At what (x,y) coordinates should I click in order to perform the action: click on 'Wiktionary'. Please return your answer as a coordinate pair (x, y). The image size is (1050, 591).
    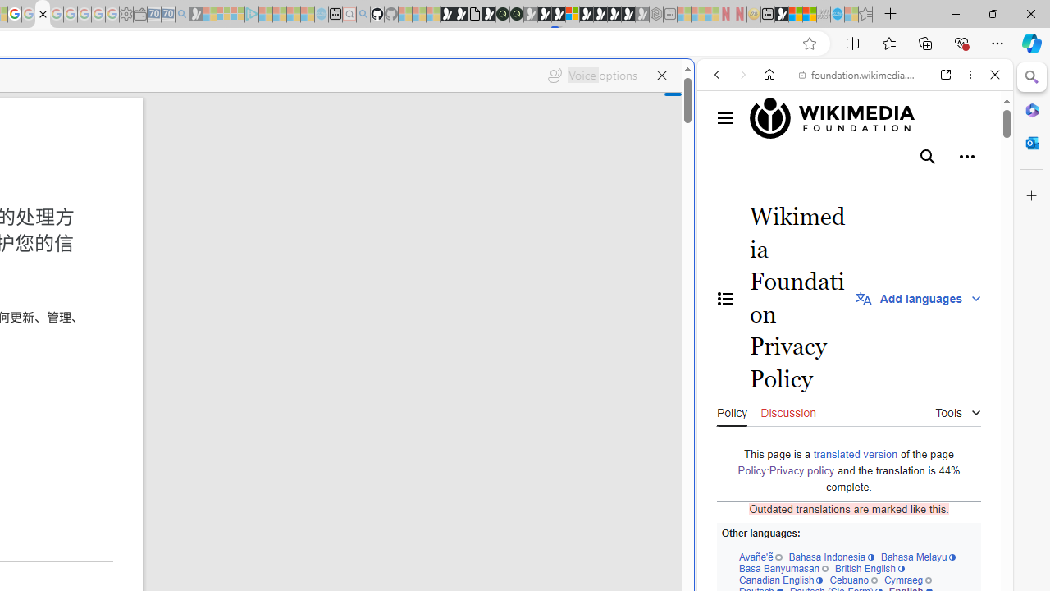
    Looking at the image, I should click on (848, 549).